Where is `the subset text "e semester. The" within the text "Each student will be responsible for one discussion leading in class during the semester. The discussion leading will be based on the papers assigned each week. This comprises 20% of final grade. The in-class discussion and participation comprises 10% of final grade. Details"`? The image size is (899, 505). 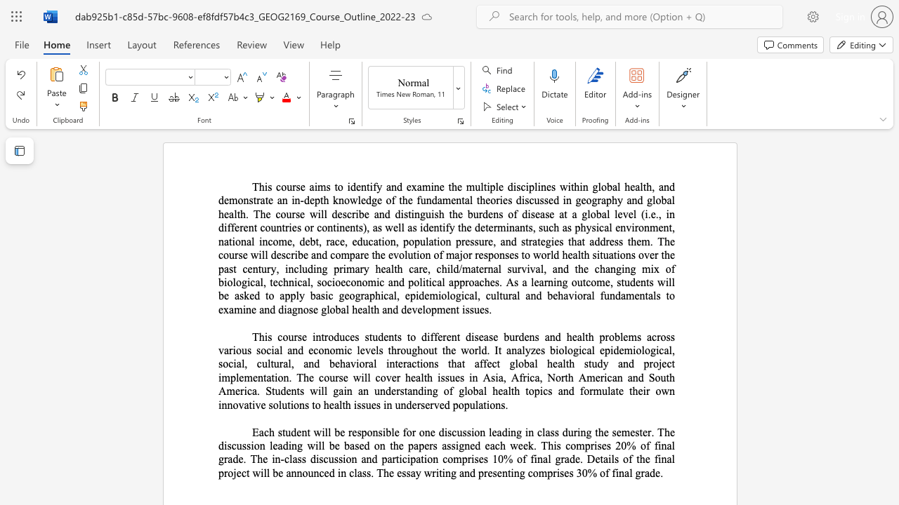 the subset text "e semester. The" within the text "Each student will be responsible for one discussion leading in class during the semester. The discussion leading will be based on the papers assigned each week. This comprises 20% of final grade. The in-class discussion and participation comprises 10% of final grade. Details" is located at coordinates (603, 431).